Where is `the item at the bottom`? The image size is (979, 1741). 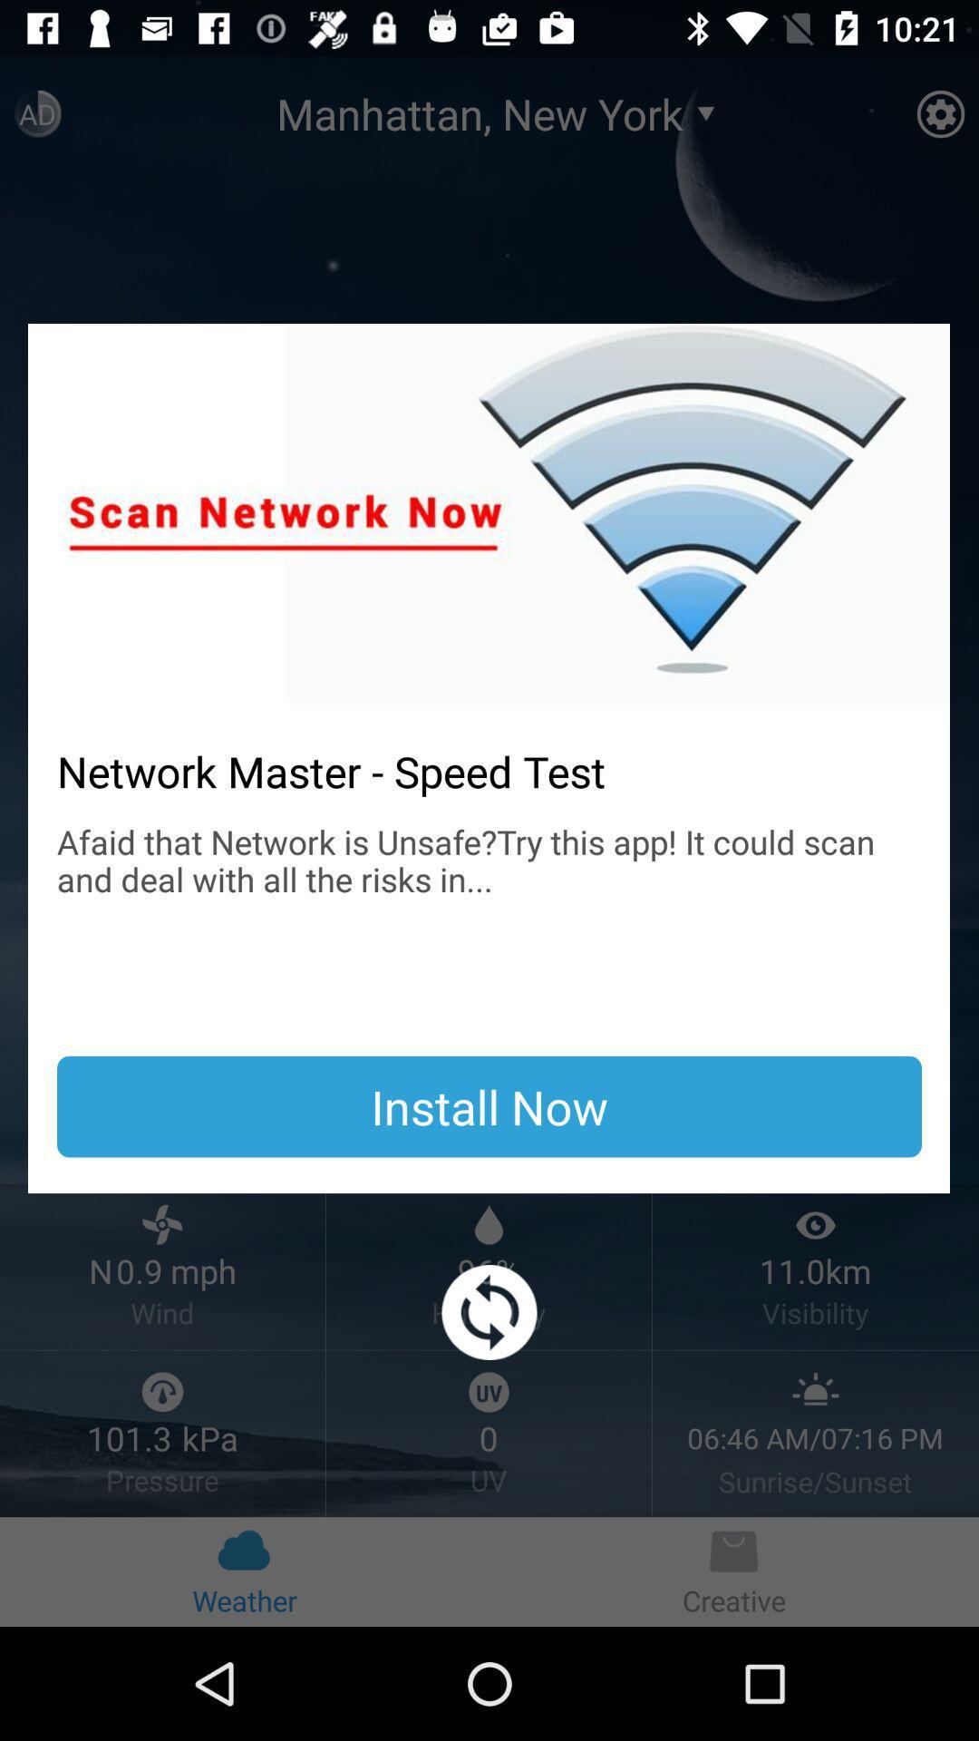
the item at the bottom is located at coordinates (489, 1312).